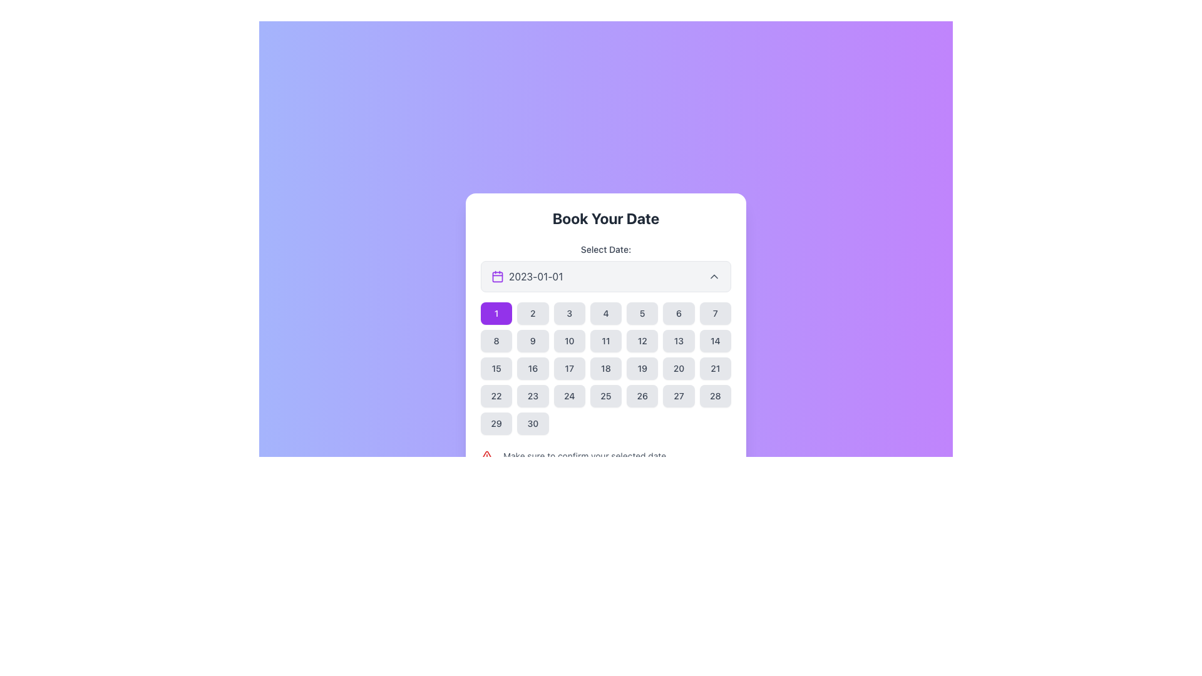 The width and height of the screenshot is (1202, 676). Describe the element at coordinates (496, 341) in the screenshot. I see `the button labeled '8' in the calendar interface` at that location.